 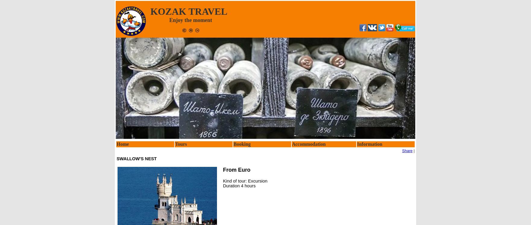 I want to click on 'Contact', so click(x=358, y=150).